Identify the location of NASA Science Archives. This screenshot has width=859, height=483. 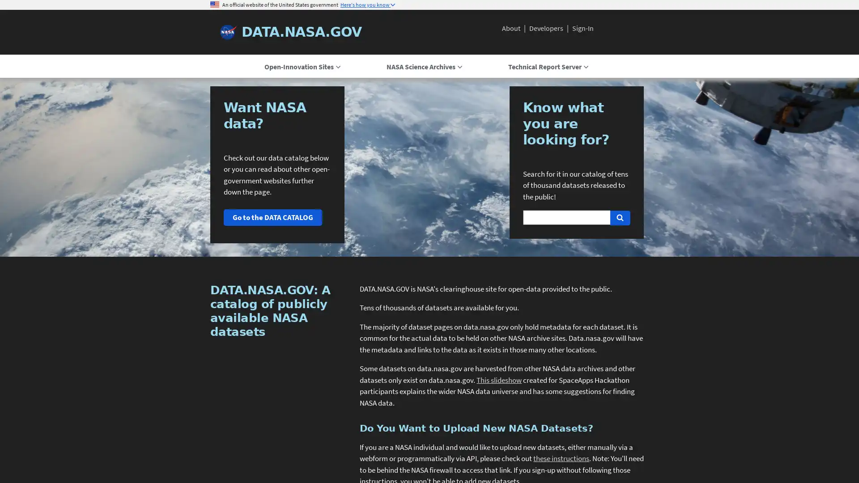
(423, 66).